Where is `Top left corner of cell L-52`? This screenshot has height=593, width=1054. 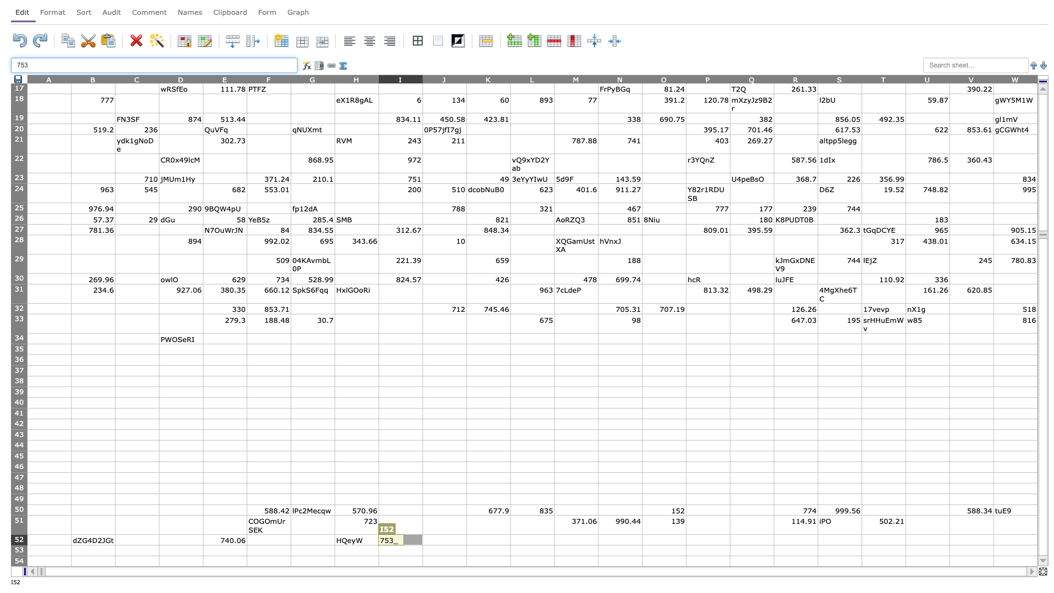 Top left corner of cell L-52 is located at coordinates (510, 534).